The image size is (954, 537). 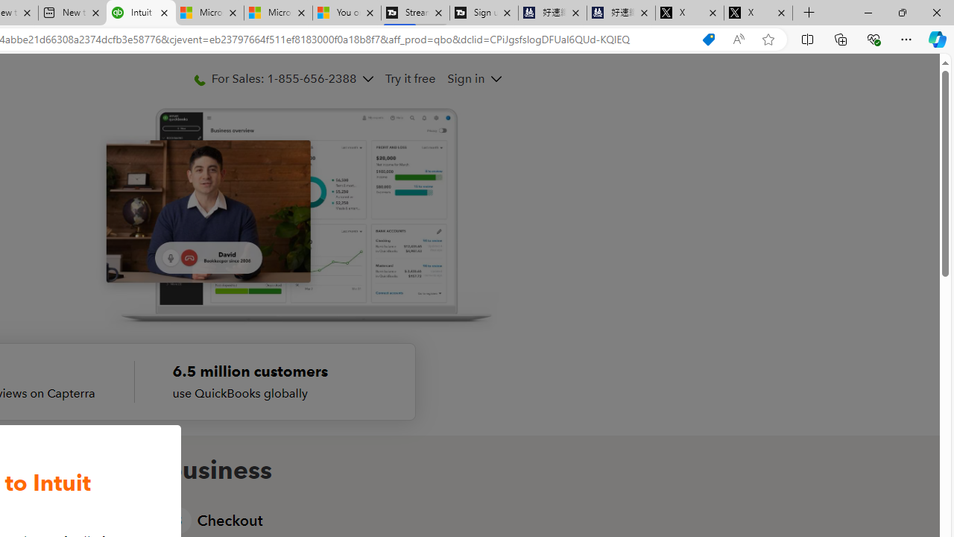 I want to click on 'Streaming Coverage | T3', so click(x=415, y=13).